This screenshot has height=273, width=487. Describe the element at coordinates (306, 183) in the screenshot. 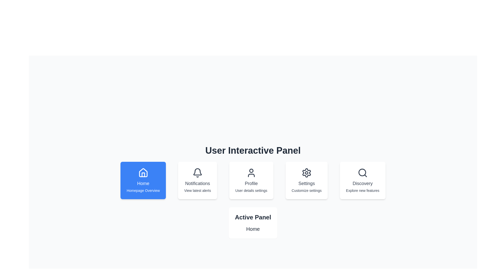

I see `the bold-fonted text label 'Settings' located beneath the gear icon in the 'Settings Customize settings' panel` at that location.